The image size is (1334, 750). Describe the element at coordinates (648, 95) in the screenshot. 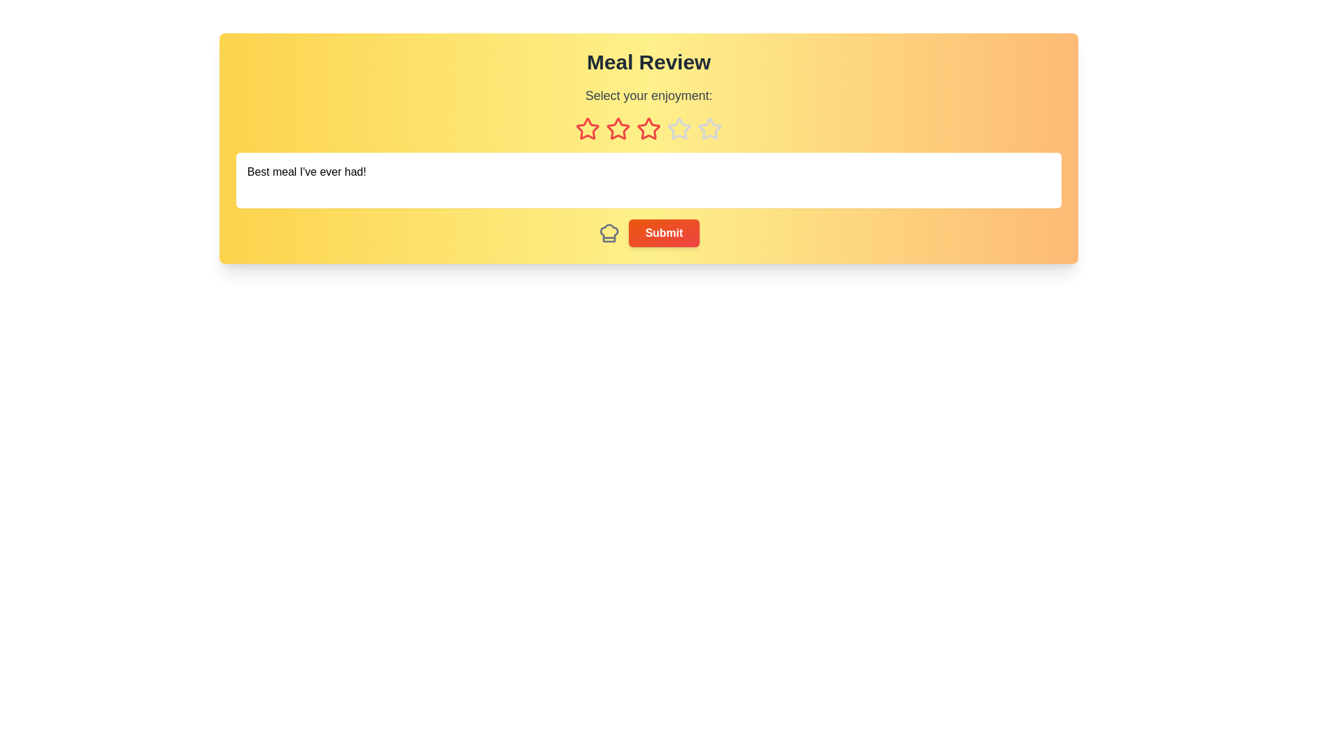

I see `the Static Text Label that reads 'Select your enjoyment:' which is positioned under the title 'Meal Review' and above the star rating icons` at that location.